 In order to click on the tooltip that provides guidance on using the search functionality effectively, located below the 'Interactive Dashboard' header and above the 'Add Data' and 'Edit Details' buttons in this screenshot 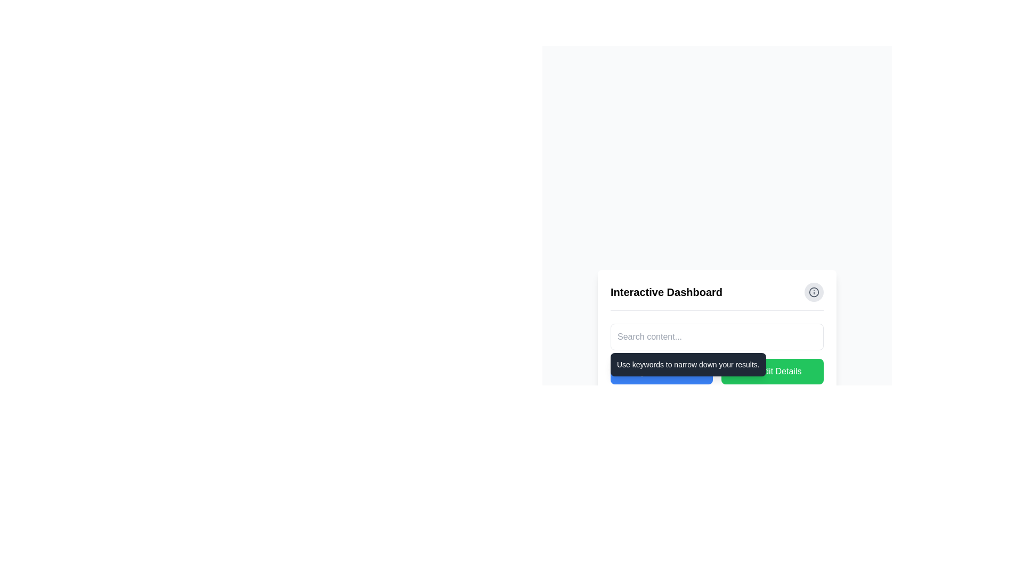, I will do `click(717, 353)`.